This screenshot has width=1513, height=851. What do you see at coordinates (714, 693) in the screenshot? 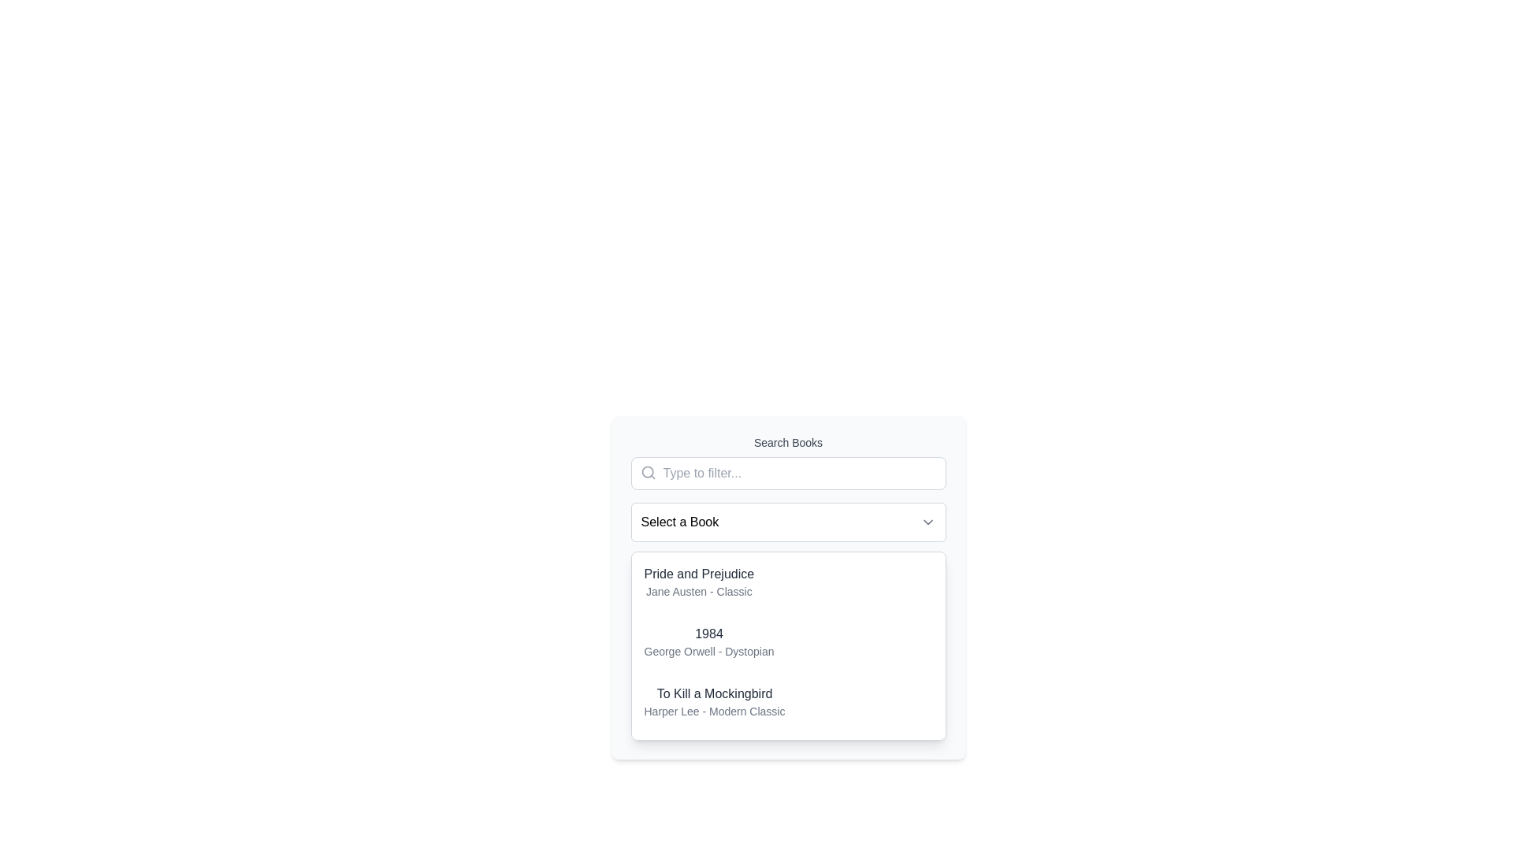
I see `the text label for the last book entry in the 'Select a Book' list, which is positioned above the subtitle 'Harper Lee - Modern Classic'` at bounding box center [714, 693].